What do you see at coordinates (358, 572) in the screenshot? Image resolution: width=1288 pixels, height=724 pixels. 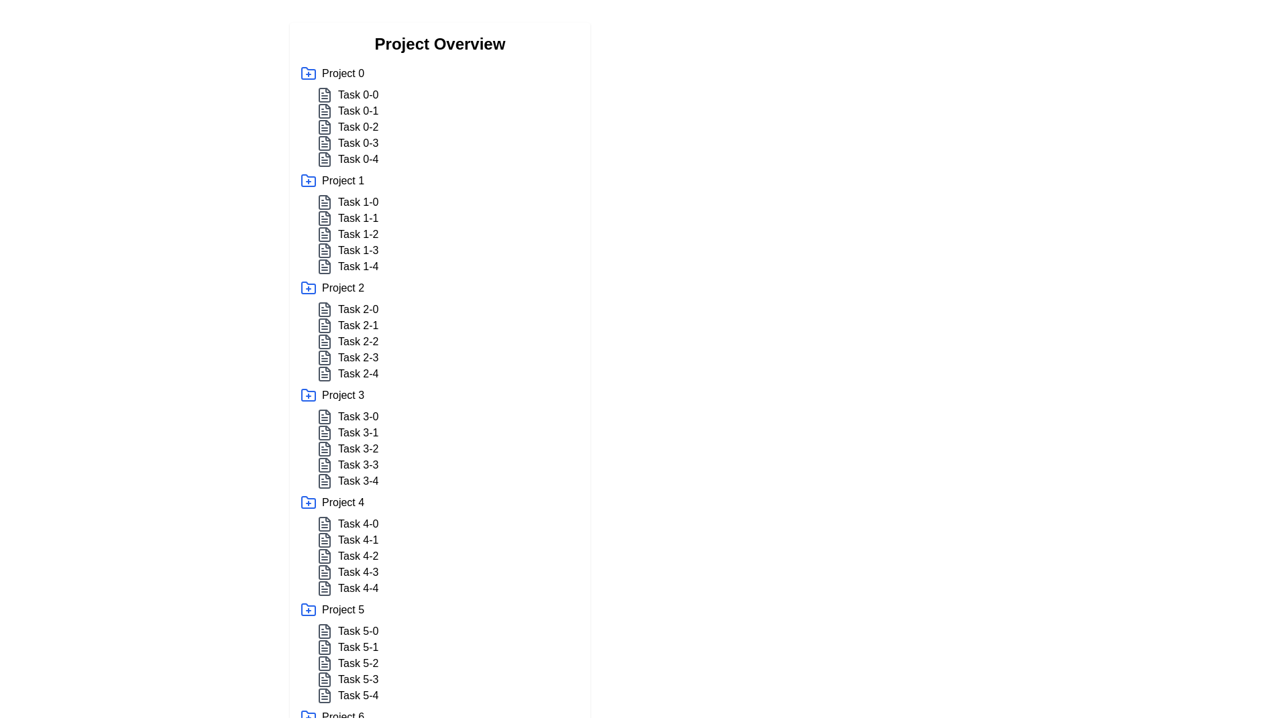 I see `the static text label representing the fourth task under 'Project 4' in the hierarchical project overview` at bounding box center [358, 572].